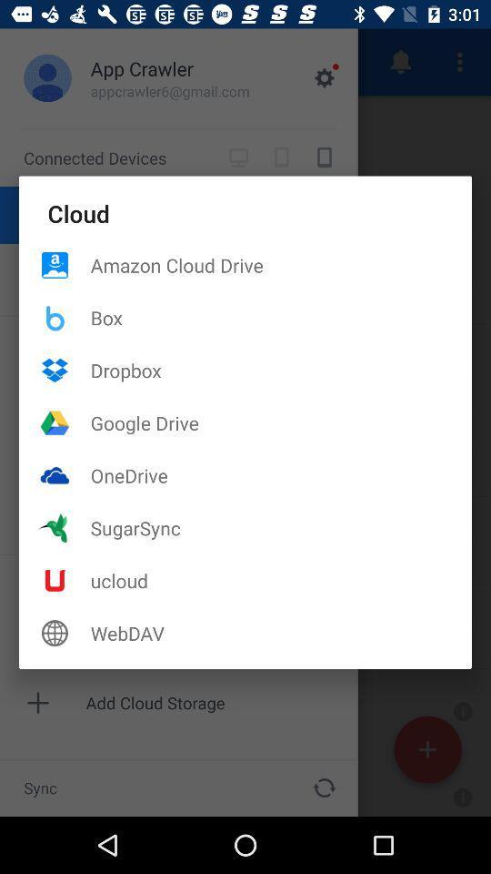 The image size is (491, 874). Describe the element at coordinates (281, 474) in the screenshot. I see `icon above the sugarsync` at that location.